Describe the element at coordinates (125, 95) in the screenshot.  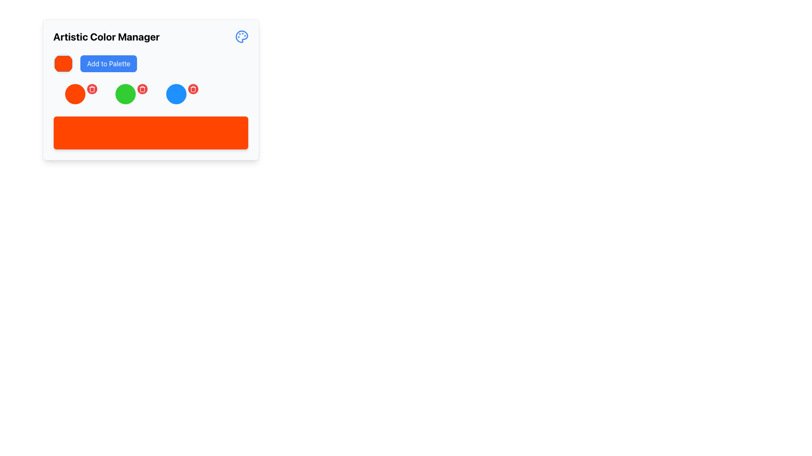
I see `the green circular button located between the orange and blue circles` at that location.